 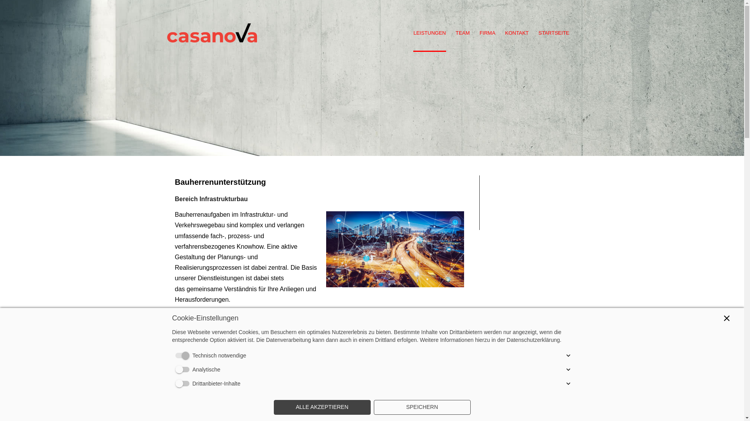 What do you see at coordinates (517, 33) in the screenshot?
I see `'KONTAKT'` at bounding box center [517, 33].